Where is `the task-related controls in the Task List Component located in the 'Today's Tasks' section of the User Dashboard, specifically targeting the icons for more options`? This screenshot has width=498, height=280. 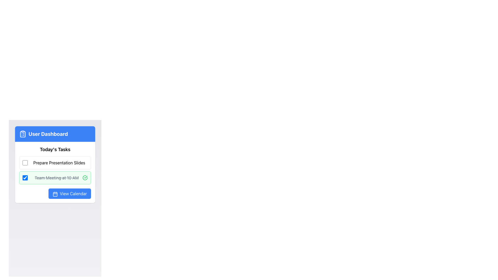 the task-related controls in the Task List Component located in the 'Today's Tasks' section of the User Dashboard, specifically targeting the icons for more options is located at coordinates (55, 172).